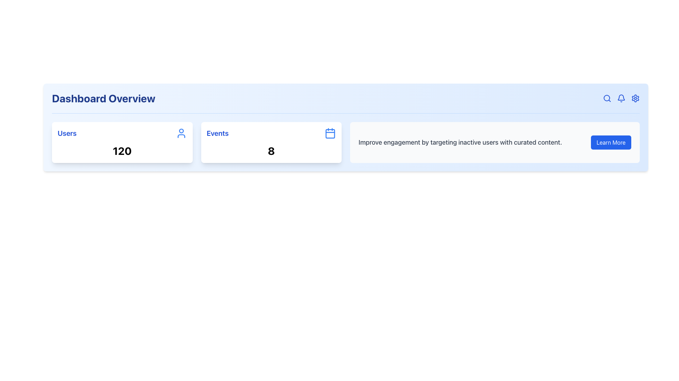  Describe the element at coordinates (635, 98) in the screenshot. I see `the blue gear-shaped icon button located at the top-right corner of the interface` at that location.